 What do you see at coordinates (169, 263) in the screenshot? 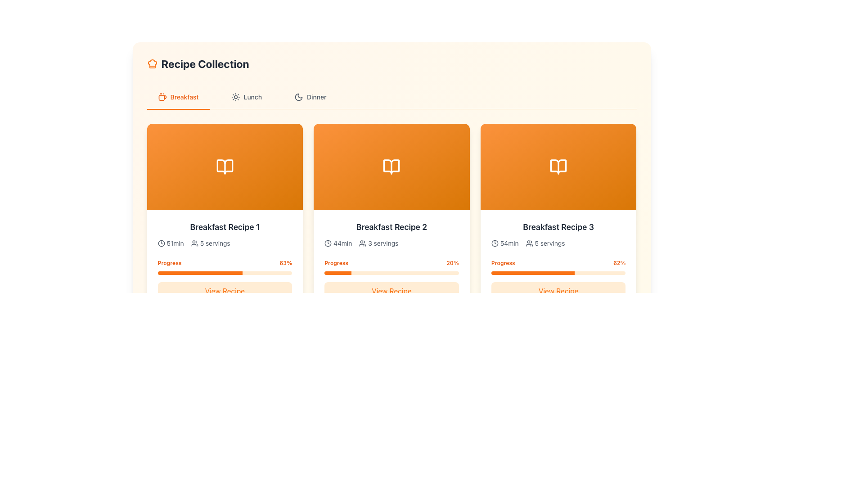
I see `the text label indicating the progress of 'Breakfast Recipe 1', which is positioned above the completion percentage progress bar` at bounding box center [169, 263].